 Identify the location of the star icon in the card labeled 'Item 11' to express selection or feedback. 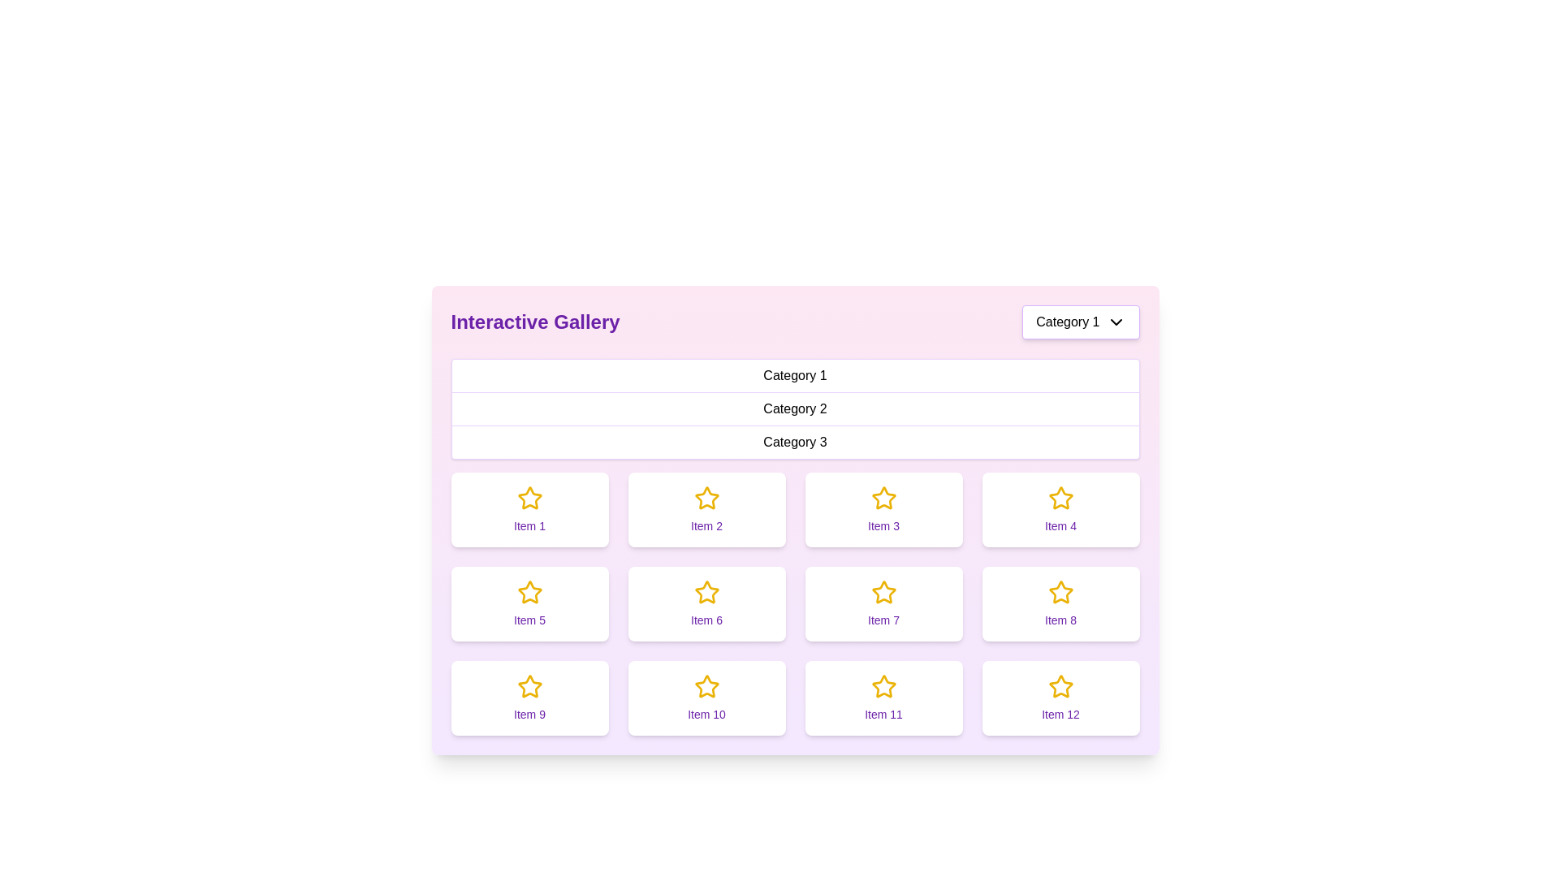
(883, 686).